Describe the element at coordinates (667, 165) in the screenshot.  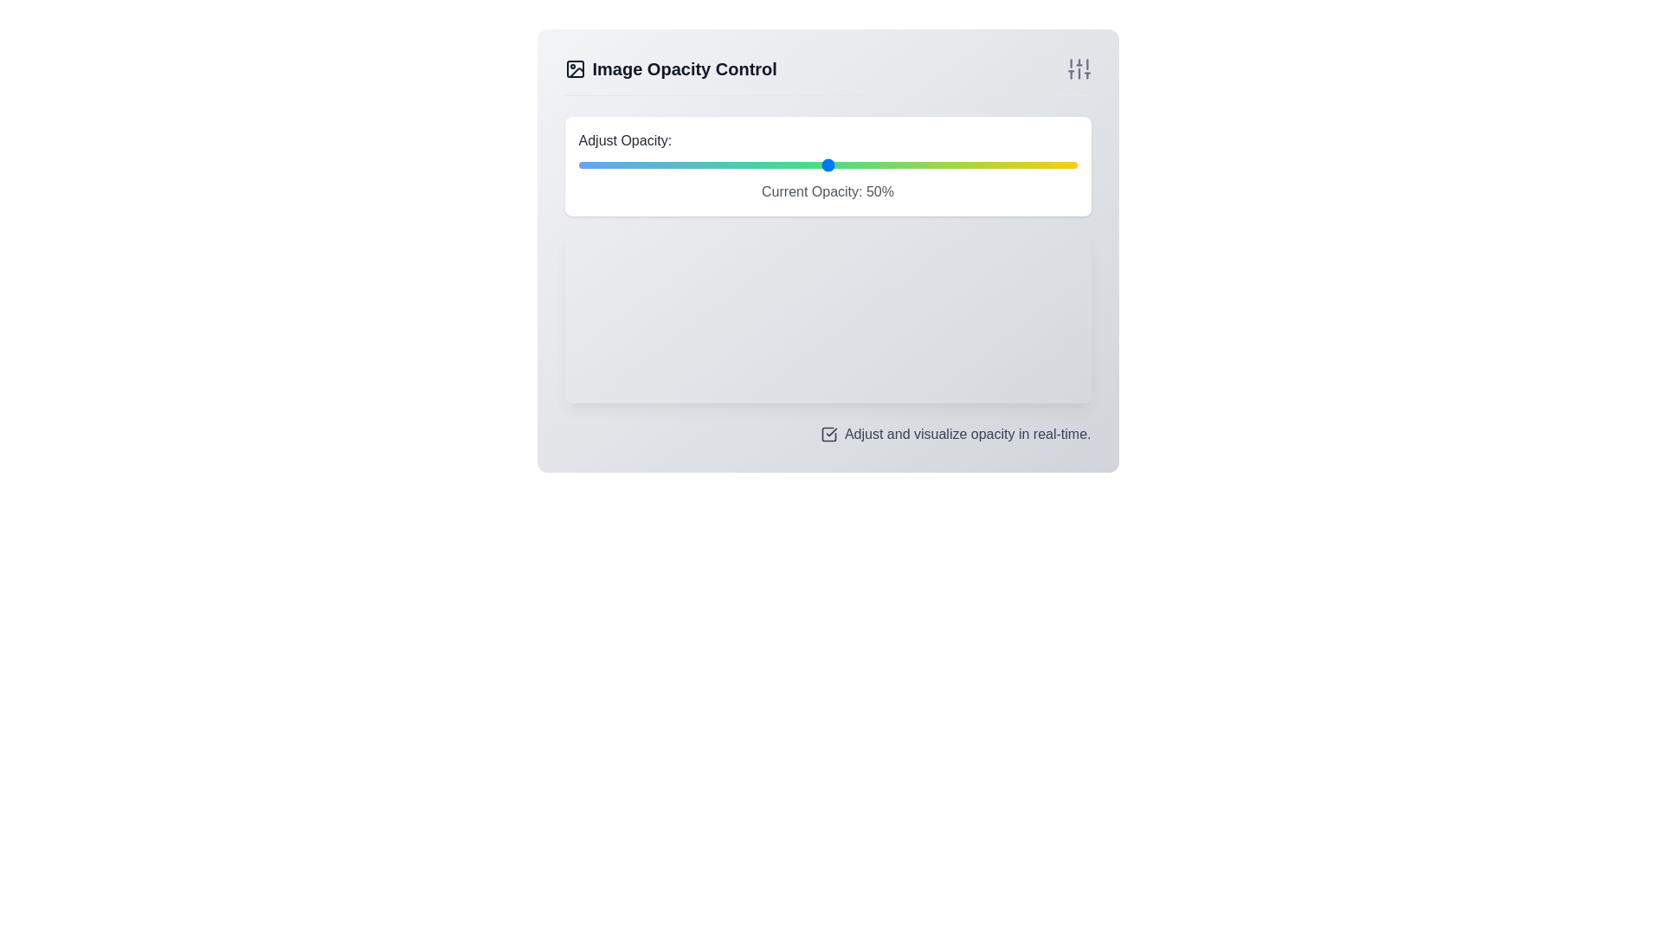
I see `the opacity` at that location.